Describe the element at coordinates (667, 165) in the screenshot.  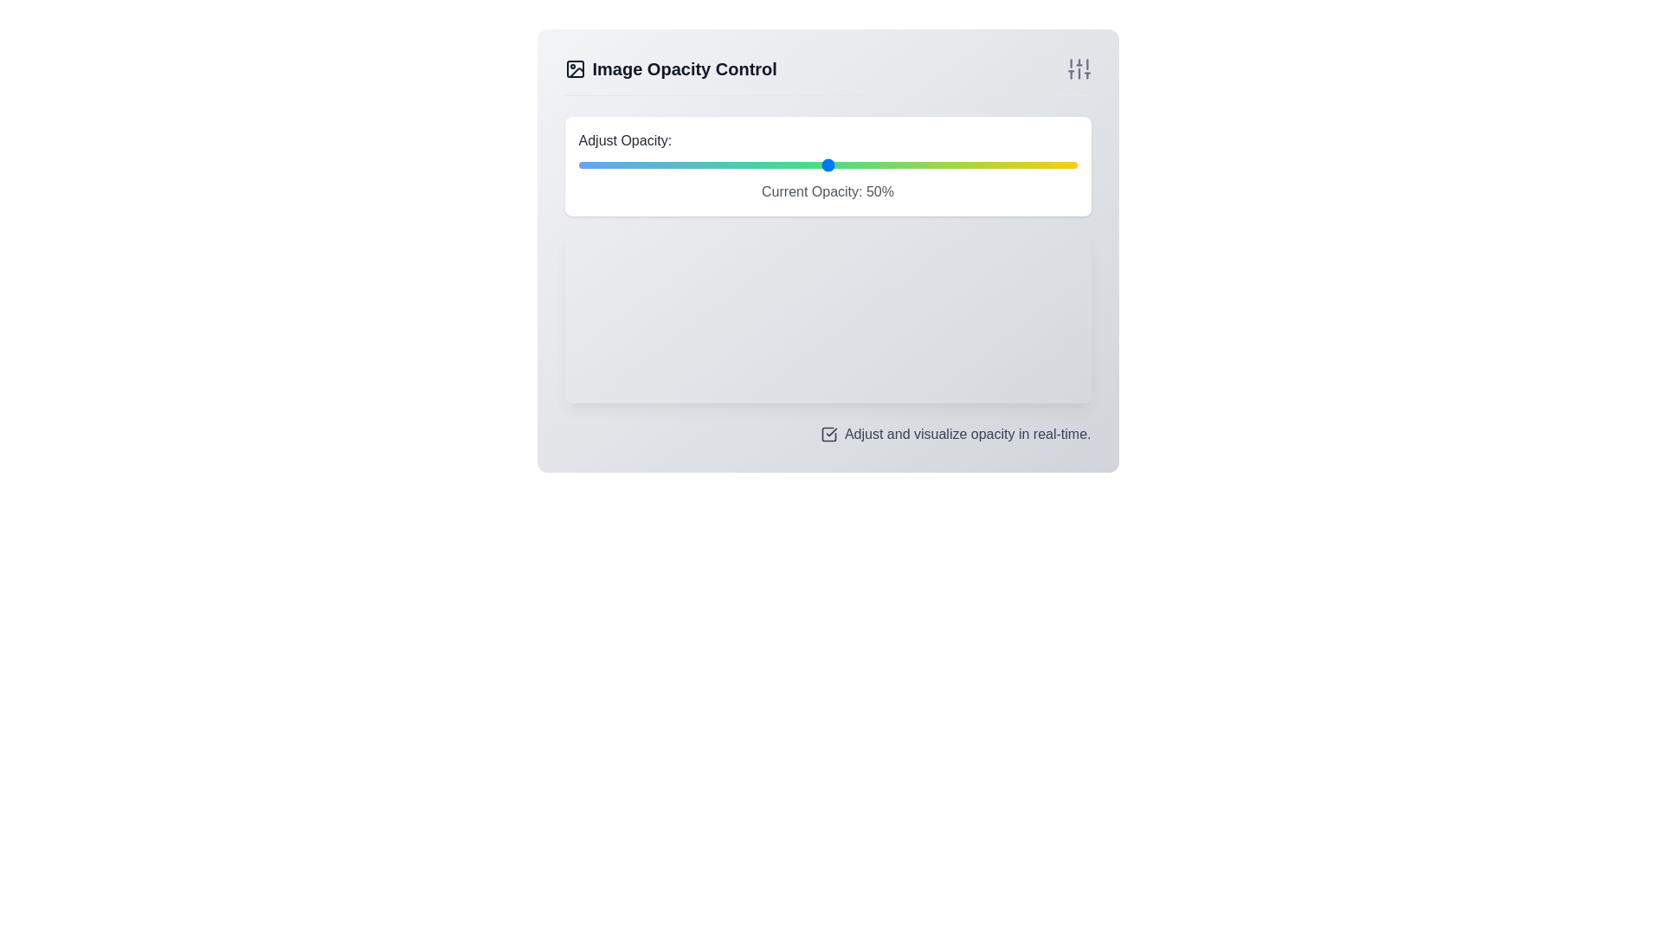
I see `the opacity` at that location.